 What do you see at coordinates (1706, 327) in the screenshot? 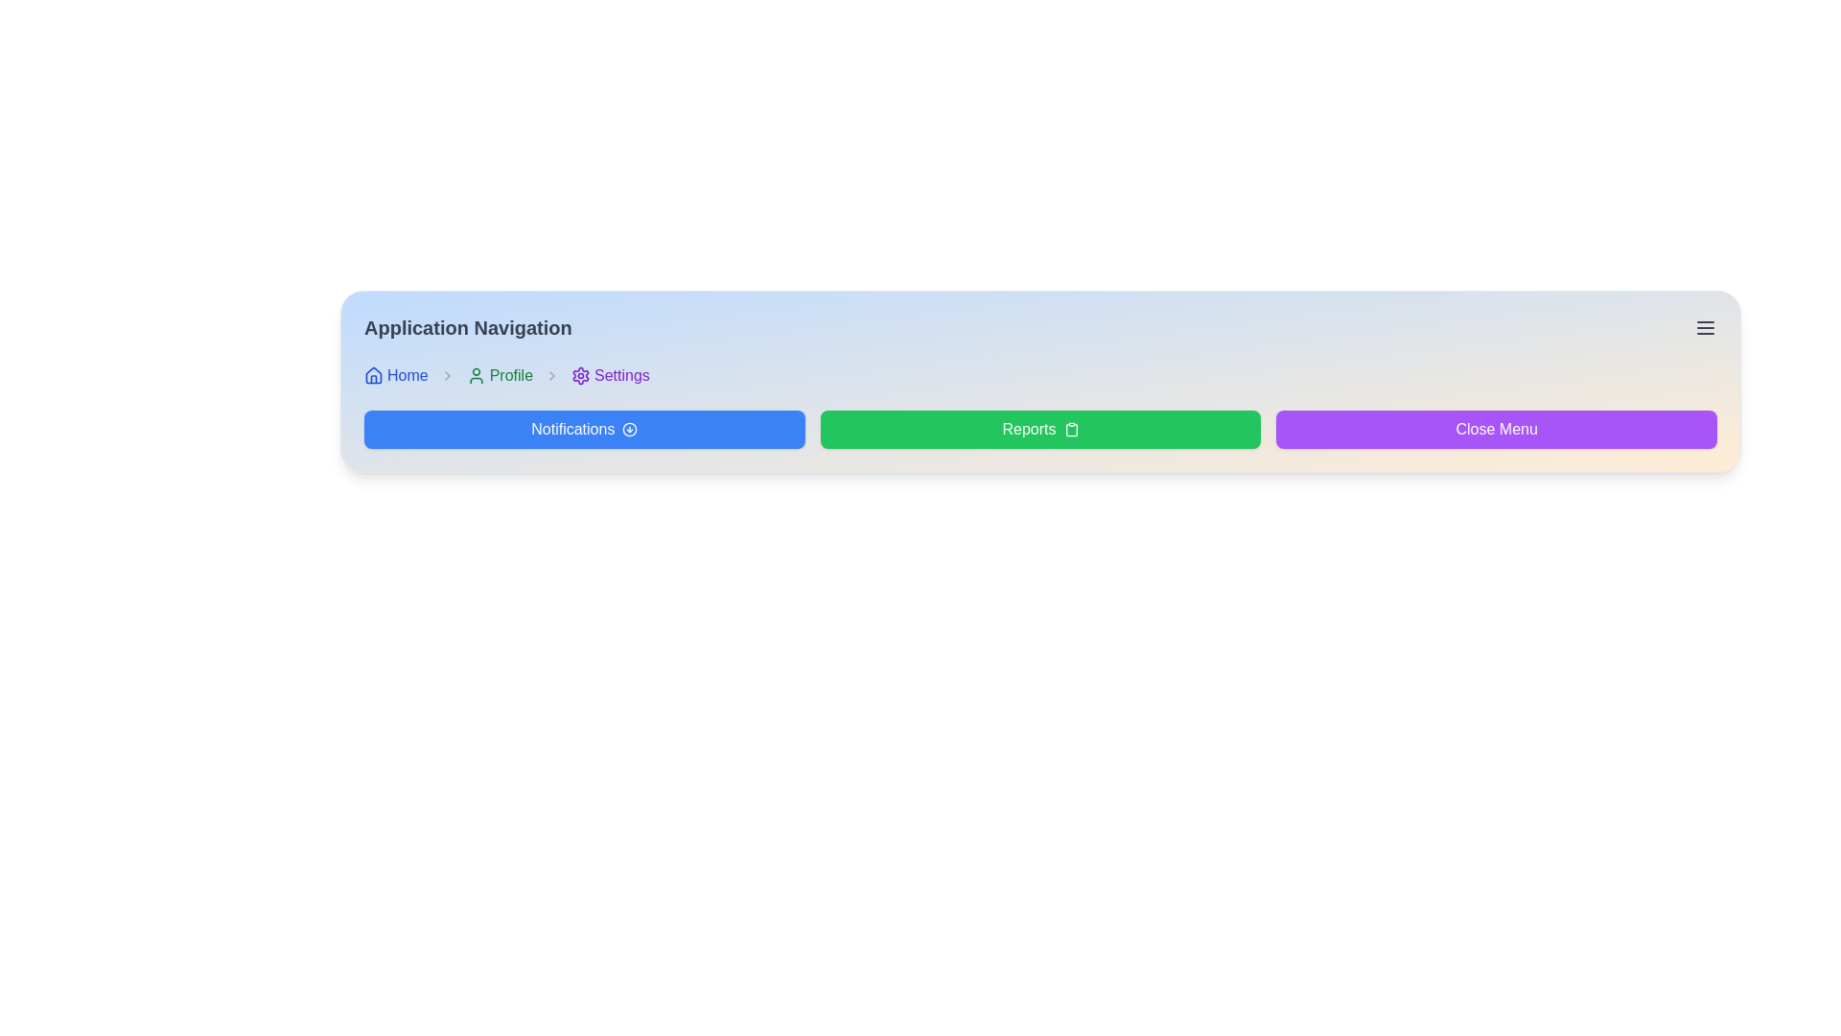
I see `the menu toggle button located at the upper-right corner of the interface next to the 'Application Navigation' text` at bounding box center [1706, 327].